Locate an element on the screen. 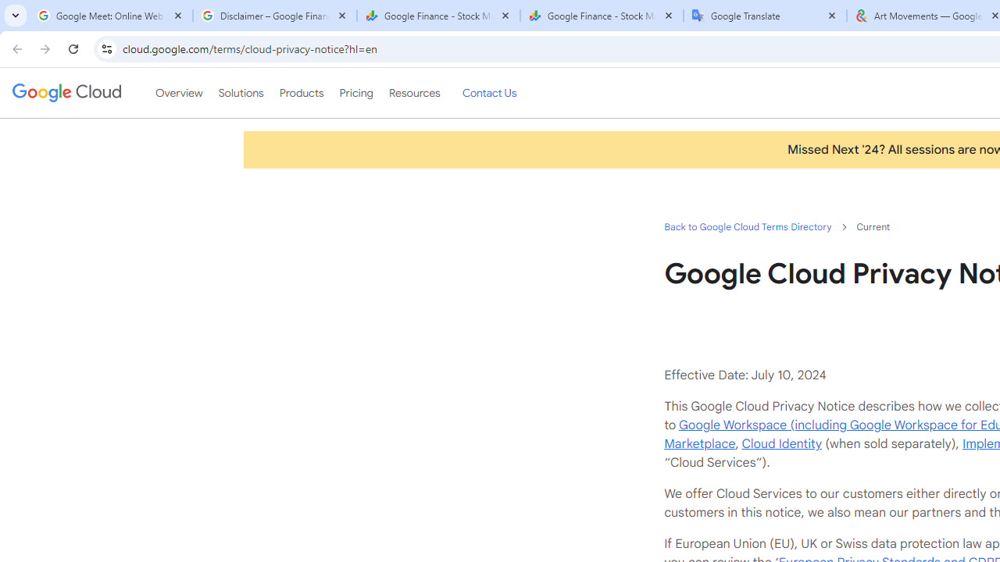 This screenshot has height=562, width=1000. 'Google Cloud' is located at coordinates (66, 93).